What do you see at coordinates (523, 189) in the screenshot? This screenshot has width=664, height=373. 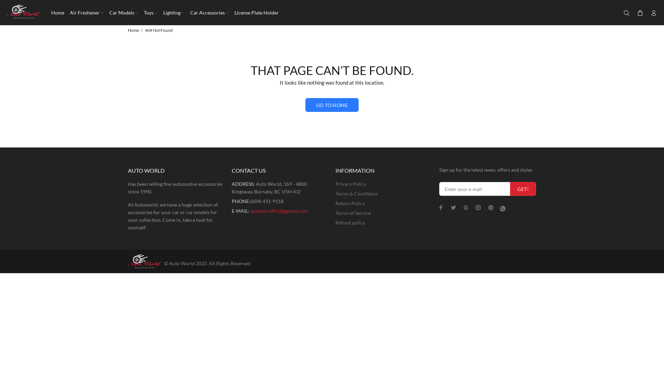 I see `'GET!'` at bounding box center [523, 189].